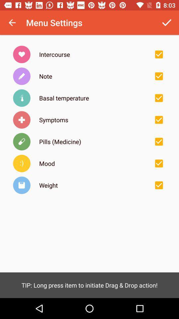 The width and height of the screenshot is (179, 319). Describe the element at coordinates (158, 120) in the screenshot. I see `remove symptoms menu` at that location.